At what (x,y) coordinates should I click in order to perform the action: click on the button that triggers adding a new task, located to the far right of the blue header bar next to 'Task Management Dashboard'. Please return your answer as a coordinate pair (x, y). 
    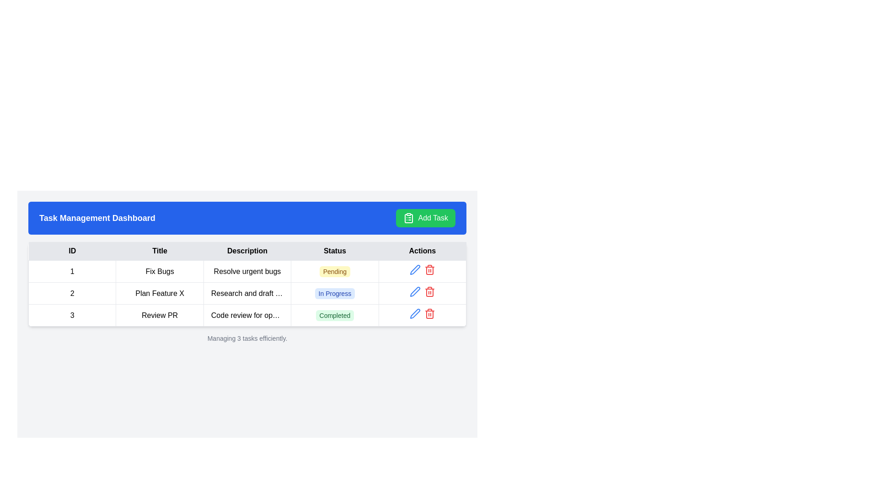
    Looking at the image, I should click on (425, 218).